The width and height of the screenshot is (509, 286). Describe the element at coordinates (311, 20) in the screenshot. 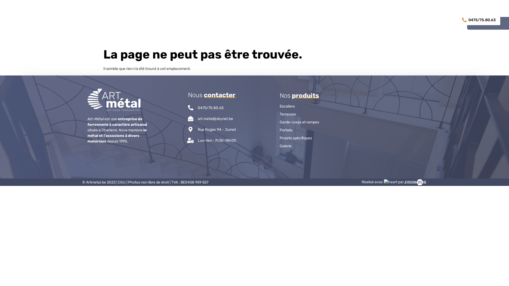

I see `'GALERIE'` at that location.